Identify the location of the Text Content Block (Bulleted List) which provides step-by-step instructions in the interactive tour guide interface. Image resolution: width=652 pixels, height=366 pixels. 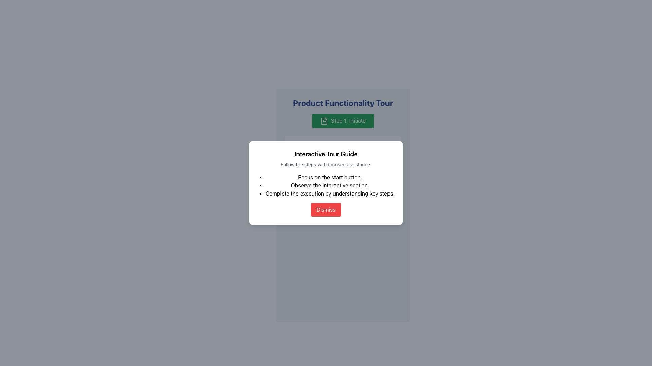
(330, 185).